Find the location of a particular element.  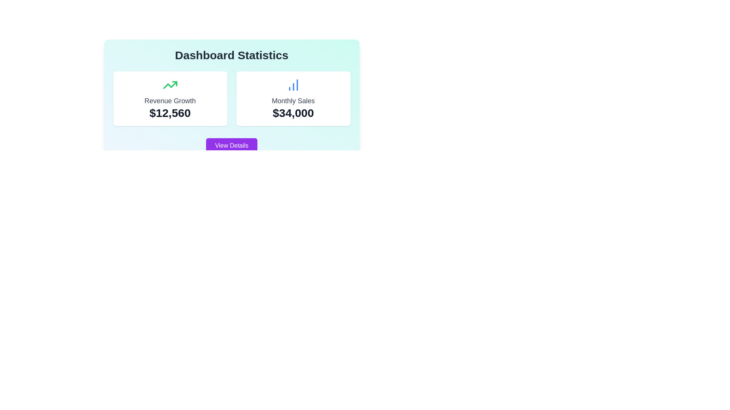

the Text display element that shows the revenue growth figure, located at the bottom of the 'Revenue Growth' card is located at coordinates (170, 113).